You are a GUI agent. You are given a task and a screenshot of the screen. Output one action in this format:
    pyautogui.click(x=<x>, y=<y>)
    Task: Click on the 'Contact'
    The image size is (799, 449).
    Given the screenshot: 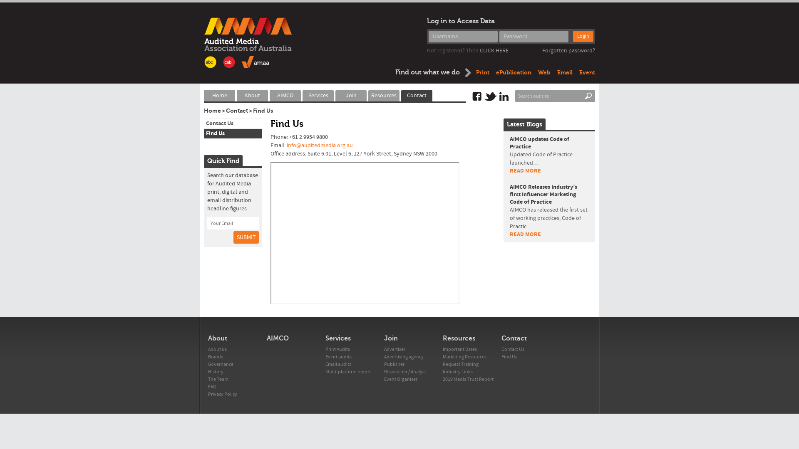 What is the action you would take?
    pyautogui.click(x=417, y=95)
    